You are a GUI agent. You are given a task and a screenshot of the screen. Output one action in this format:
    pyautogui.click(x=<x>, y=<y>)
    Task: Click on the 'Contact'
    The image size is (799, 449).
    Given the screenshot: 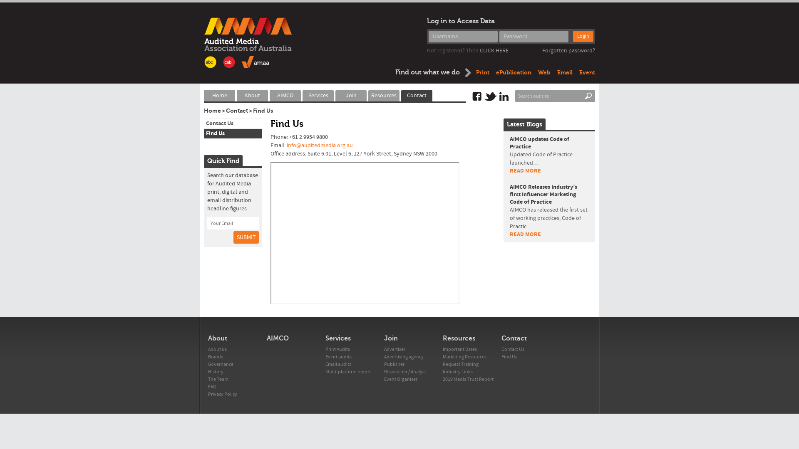 What is the action you would take?
    pyautogui.click(x=417, y=95)
    